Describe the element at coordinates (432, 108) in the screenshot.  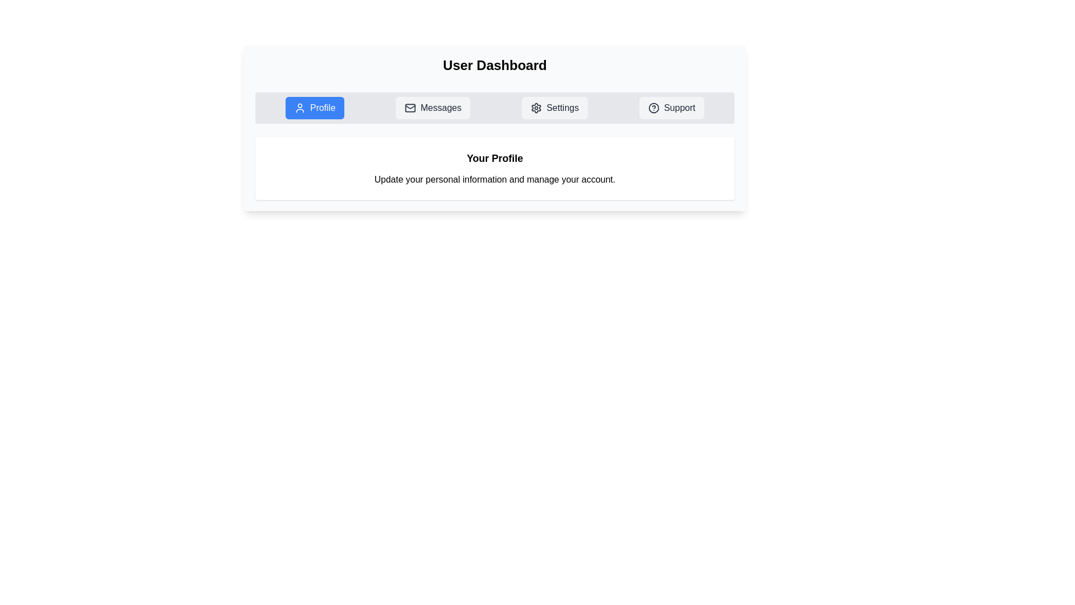
I see `the second button in the horizontal navigation bar at the top center of the interface` at that location.